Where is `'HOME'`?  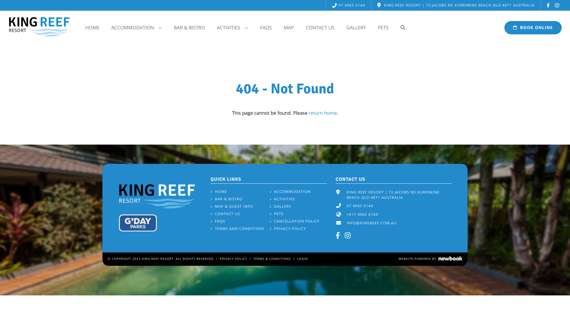
'HOME' is located at coordinates (218, 192).